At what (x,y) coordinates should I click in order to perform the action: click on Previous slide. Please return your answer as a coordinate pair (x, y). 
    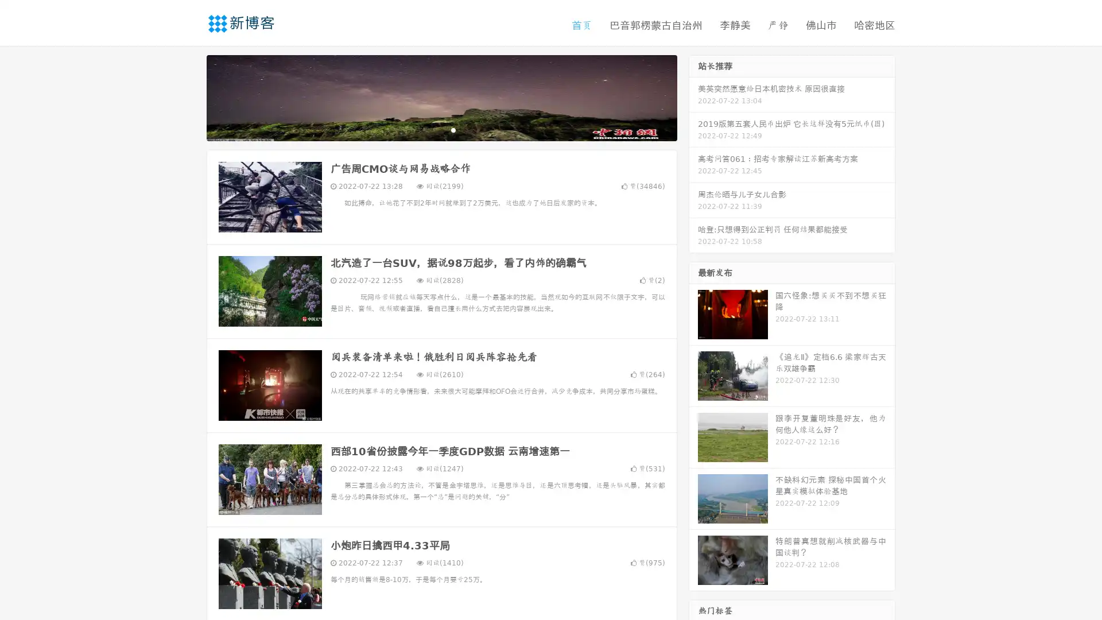
    Looking at the image, I should click on (189, 96).